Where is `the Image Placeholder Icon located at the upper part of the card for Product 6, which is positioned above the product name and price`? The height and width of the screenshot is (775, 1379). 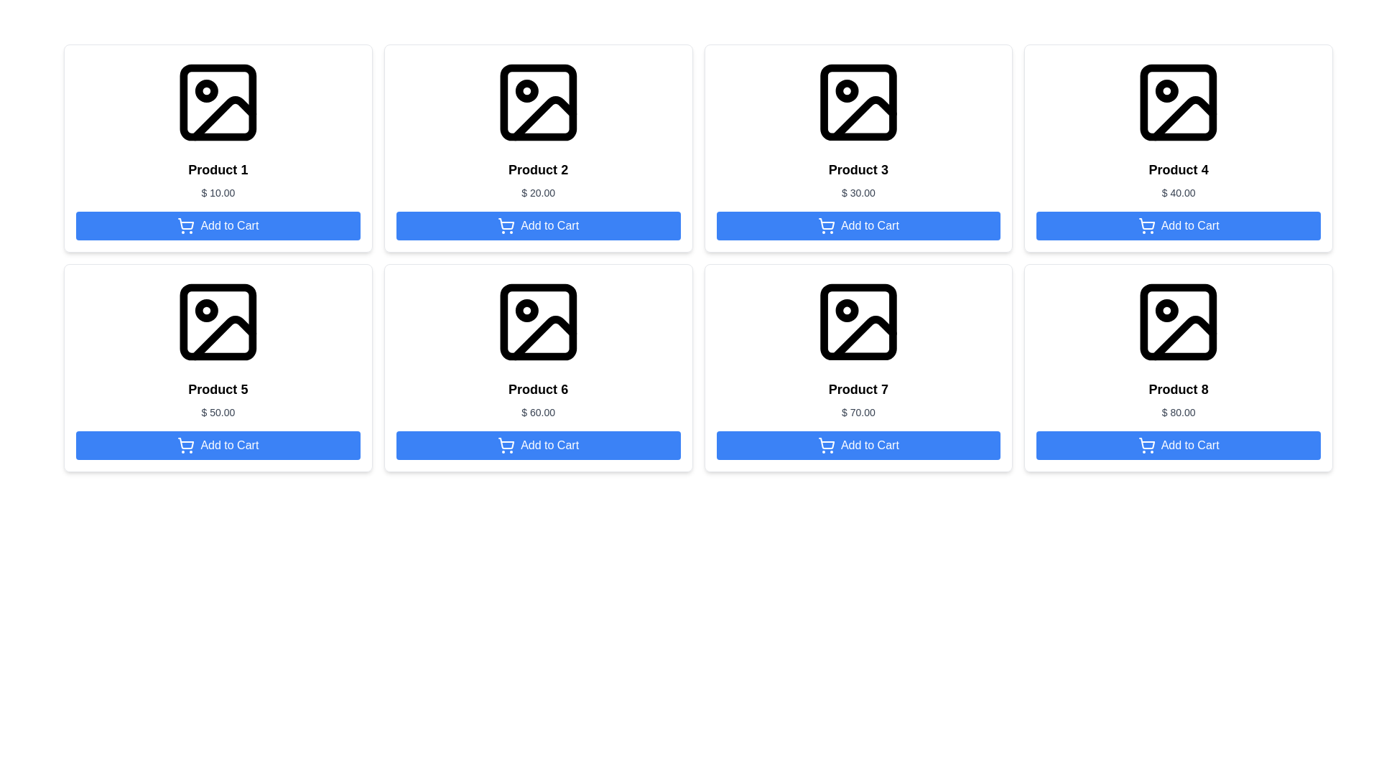
the Image Placeholder Icon located at the upper part of the card for Product 6, which is positioned above the product name and price is located at coordinates (537, 321).